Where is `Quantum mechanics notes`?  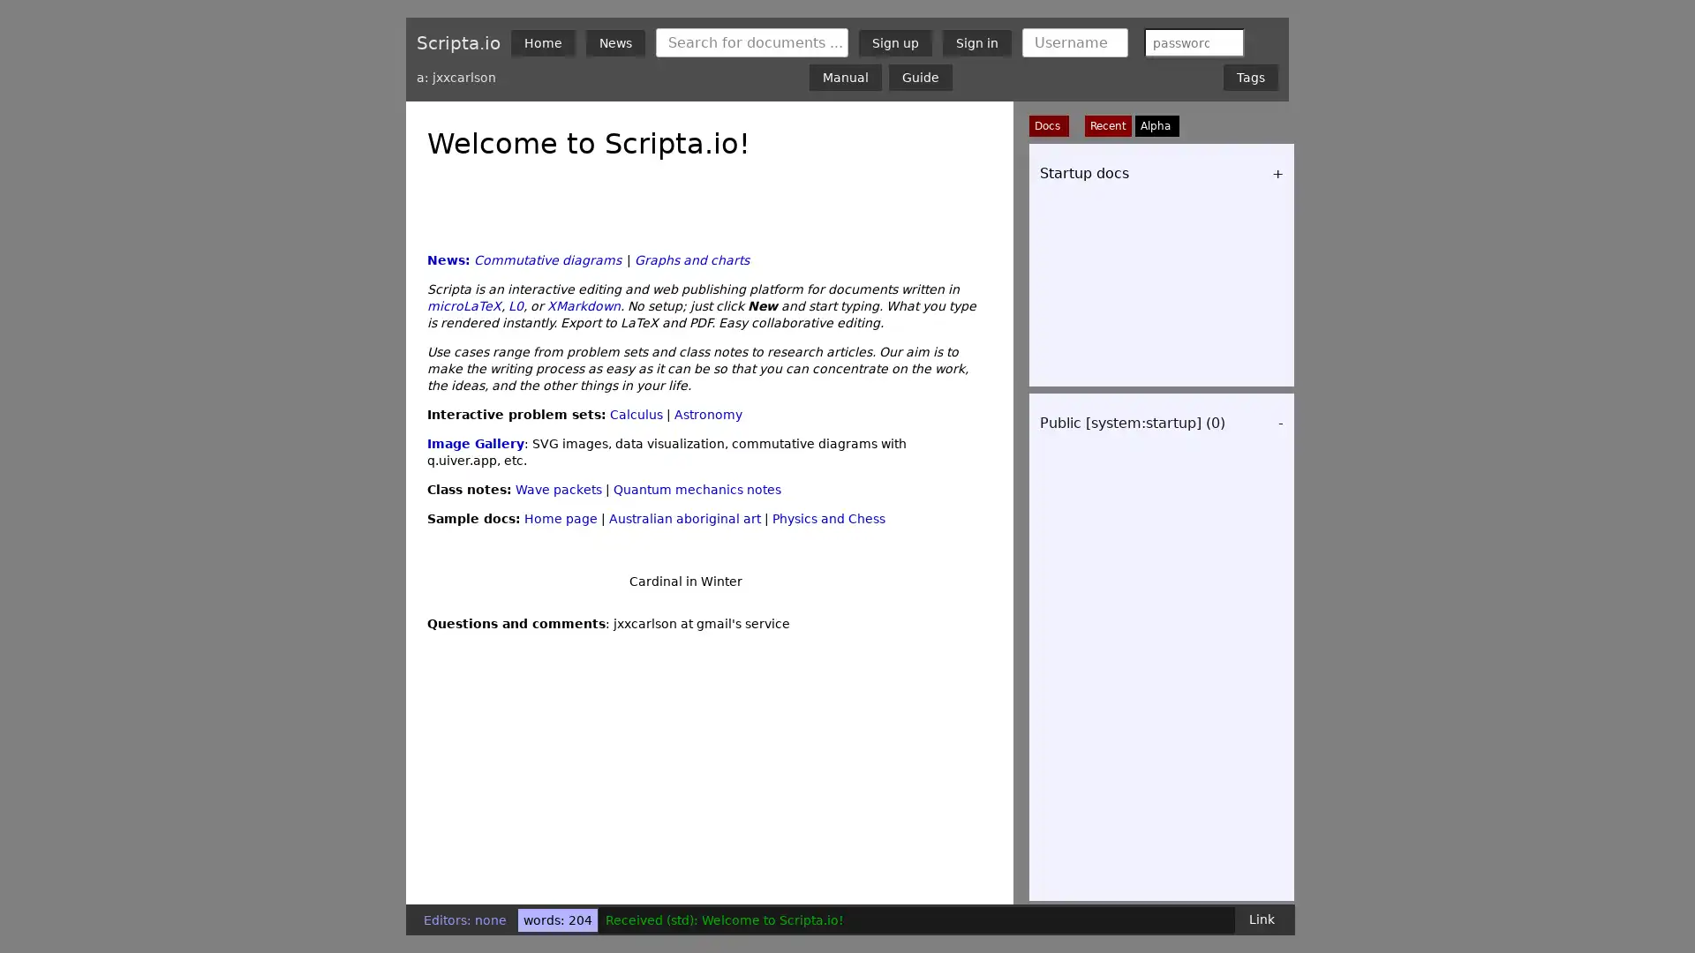 Quantum mechanics notes is located at coordinates (697, 625).